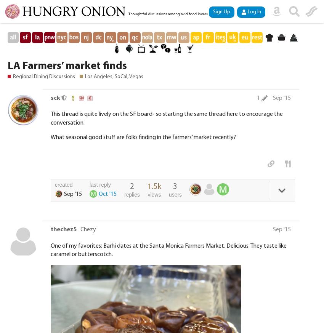  Describe the element at coordinates (166, 118) in the screenshot. I see `'This thread is quite lively on the SF board- so starting the same thread here to encourage the conversation.'` at that location.